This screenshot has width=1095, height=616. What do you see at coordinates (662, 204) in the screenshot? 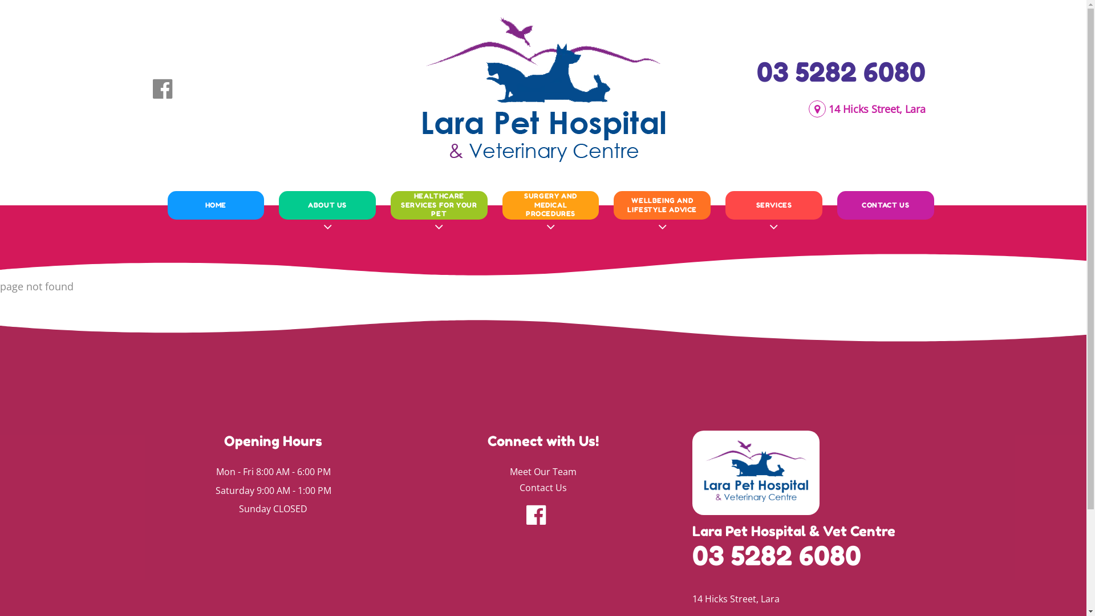
I see `'WELLBEING AND LIFESTYLE ADVICE'` at bounding box center [662, 204].